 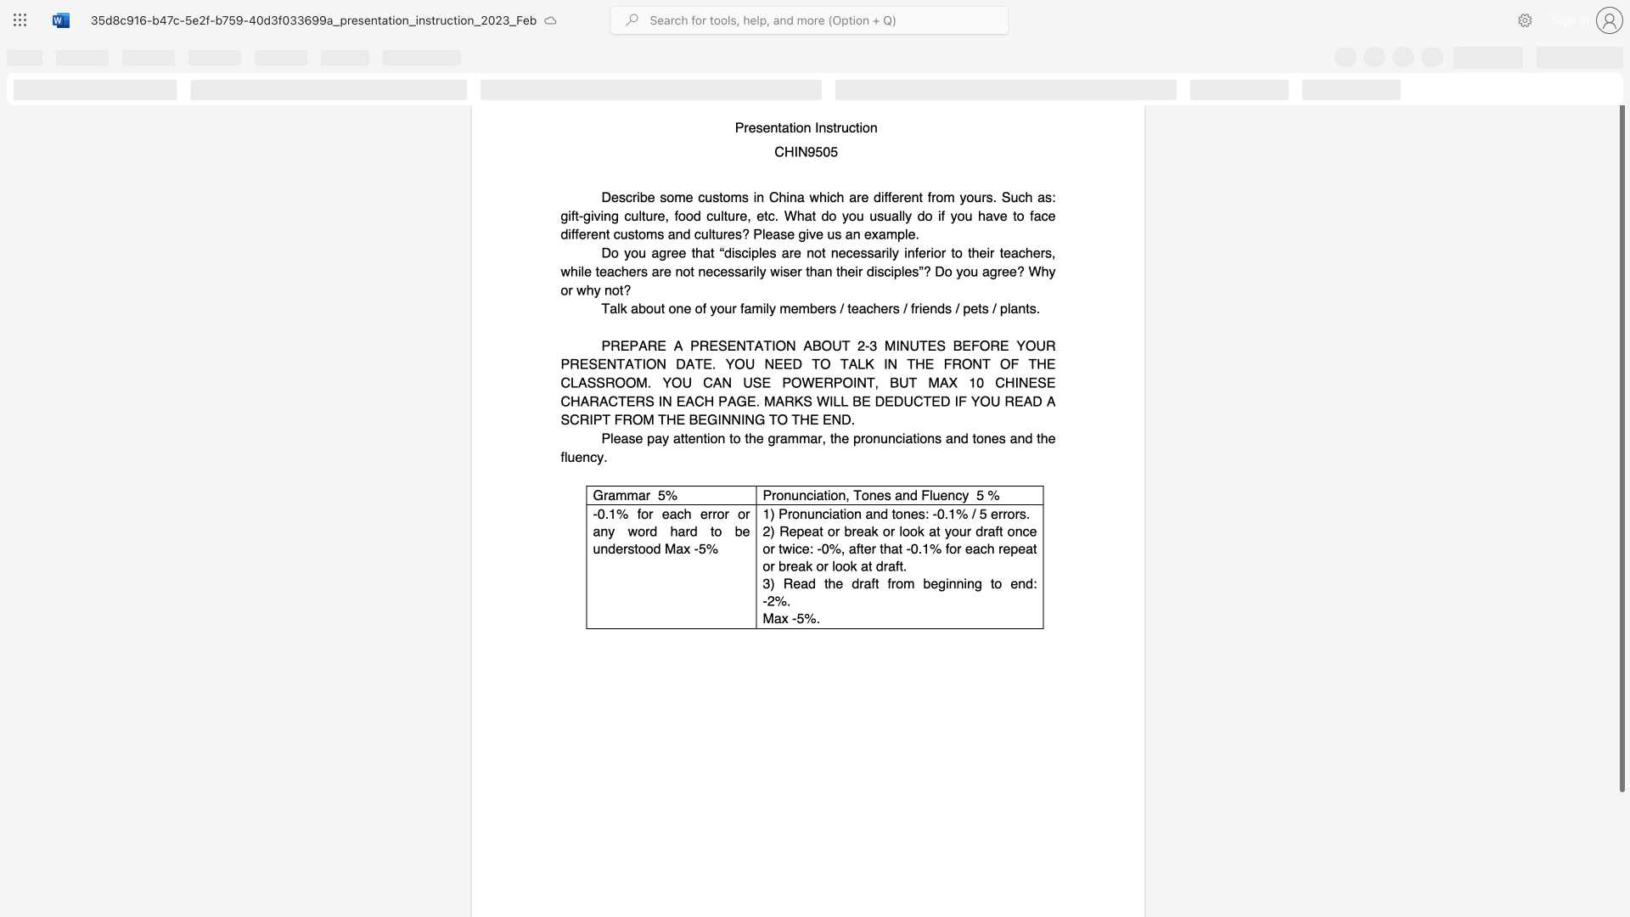 What do you see at coordinates (772, 233) in the screenshot?
I see `the subset text "ase give us an e" within the text "? Please give us an example."` at bounding box center [772, 233].